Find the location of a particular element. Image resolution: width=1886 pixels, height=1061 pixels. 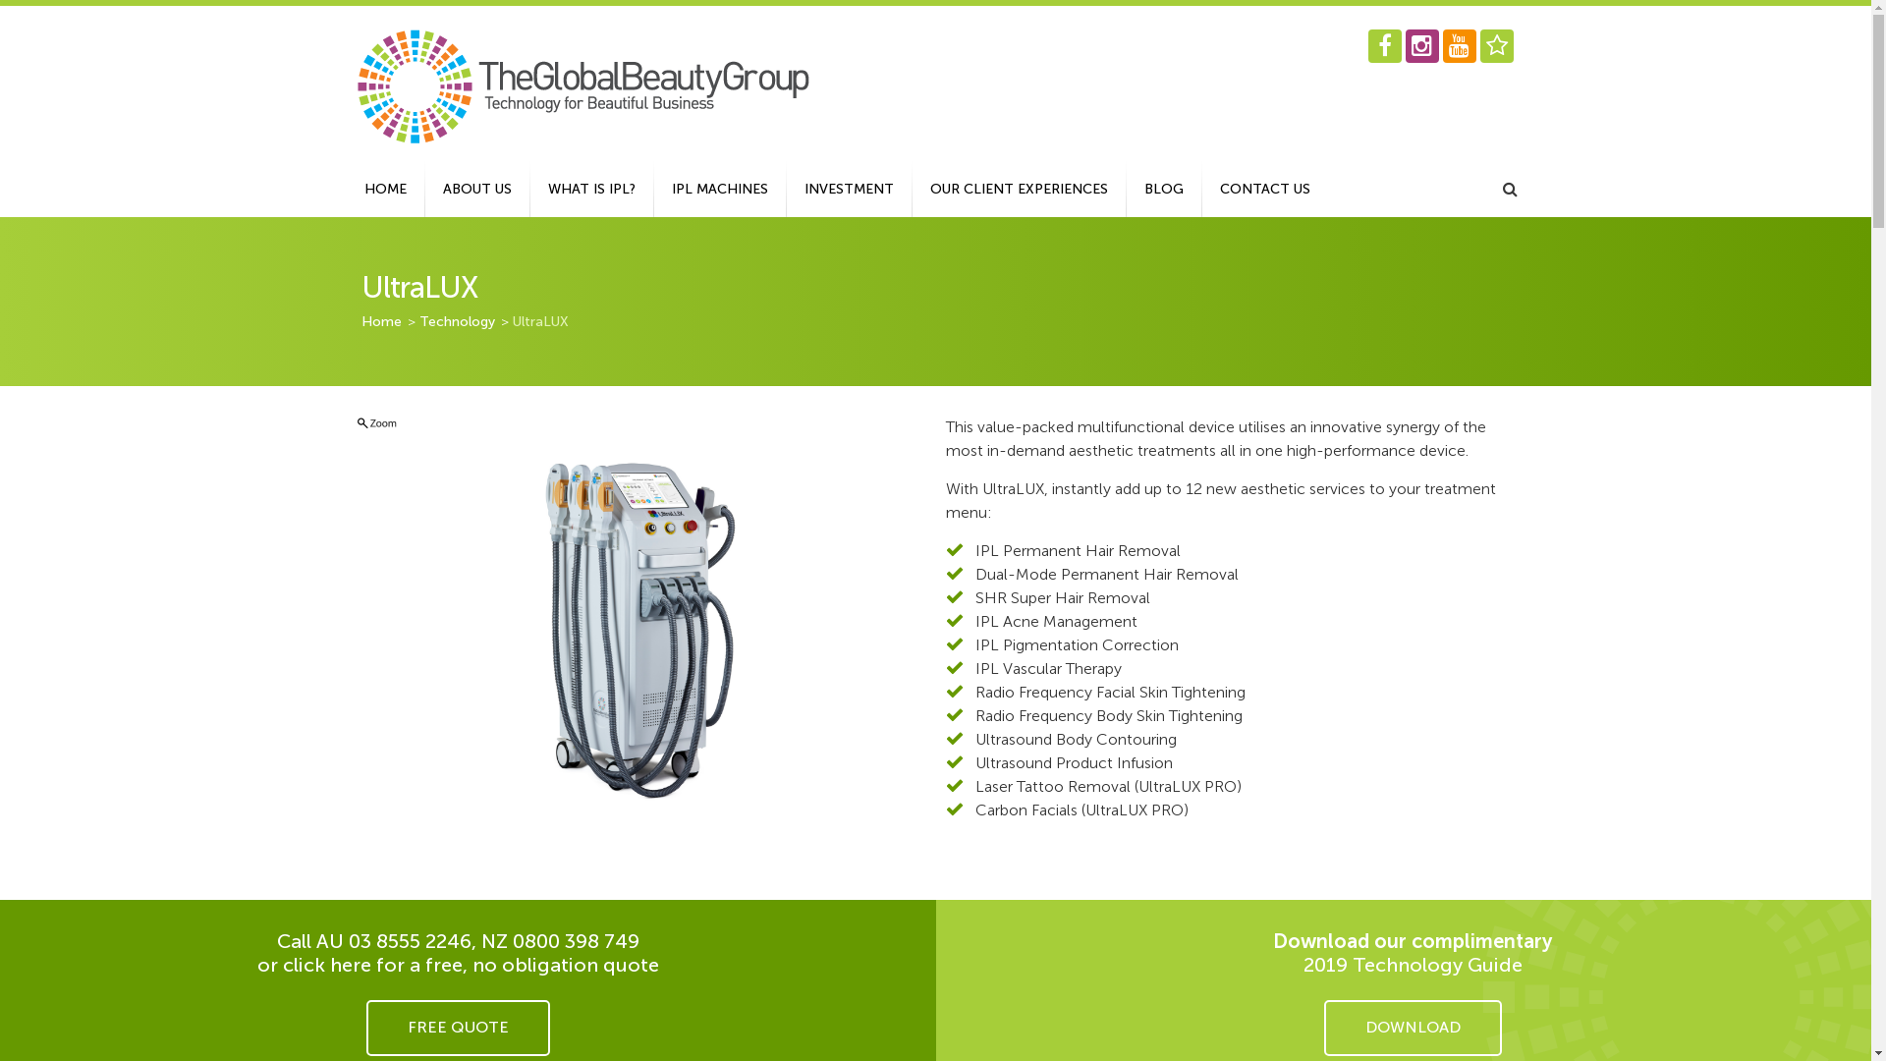

'BLOG' is located at coordinates (1163, 189).